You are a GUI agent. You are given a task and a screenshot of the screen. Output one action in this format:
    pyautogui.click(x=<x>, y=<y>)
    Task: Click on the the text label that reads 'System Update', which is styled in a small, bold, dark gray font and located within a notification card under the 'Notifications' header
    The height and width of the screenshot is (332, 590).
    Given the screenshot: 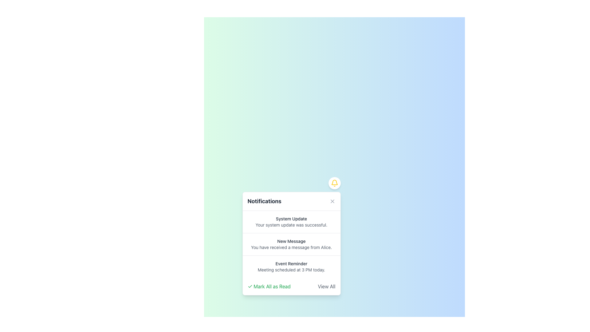 What is the action you would take?
    pyautogui.click(x=291, y=219)
    